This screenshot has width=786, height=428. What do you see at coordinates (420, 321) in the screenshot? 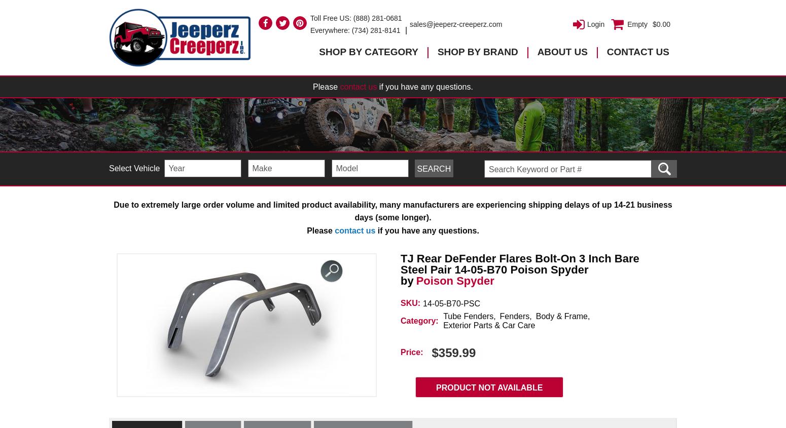
I see `'Category:'` at bounding box center [420, 321].